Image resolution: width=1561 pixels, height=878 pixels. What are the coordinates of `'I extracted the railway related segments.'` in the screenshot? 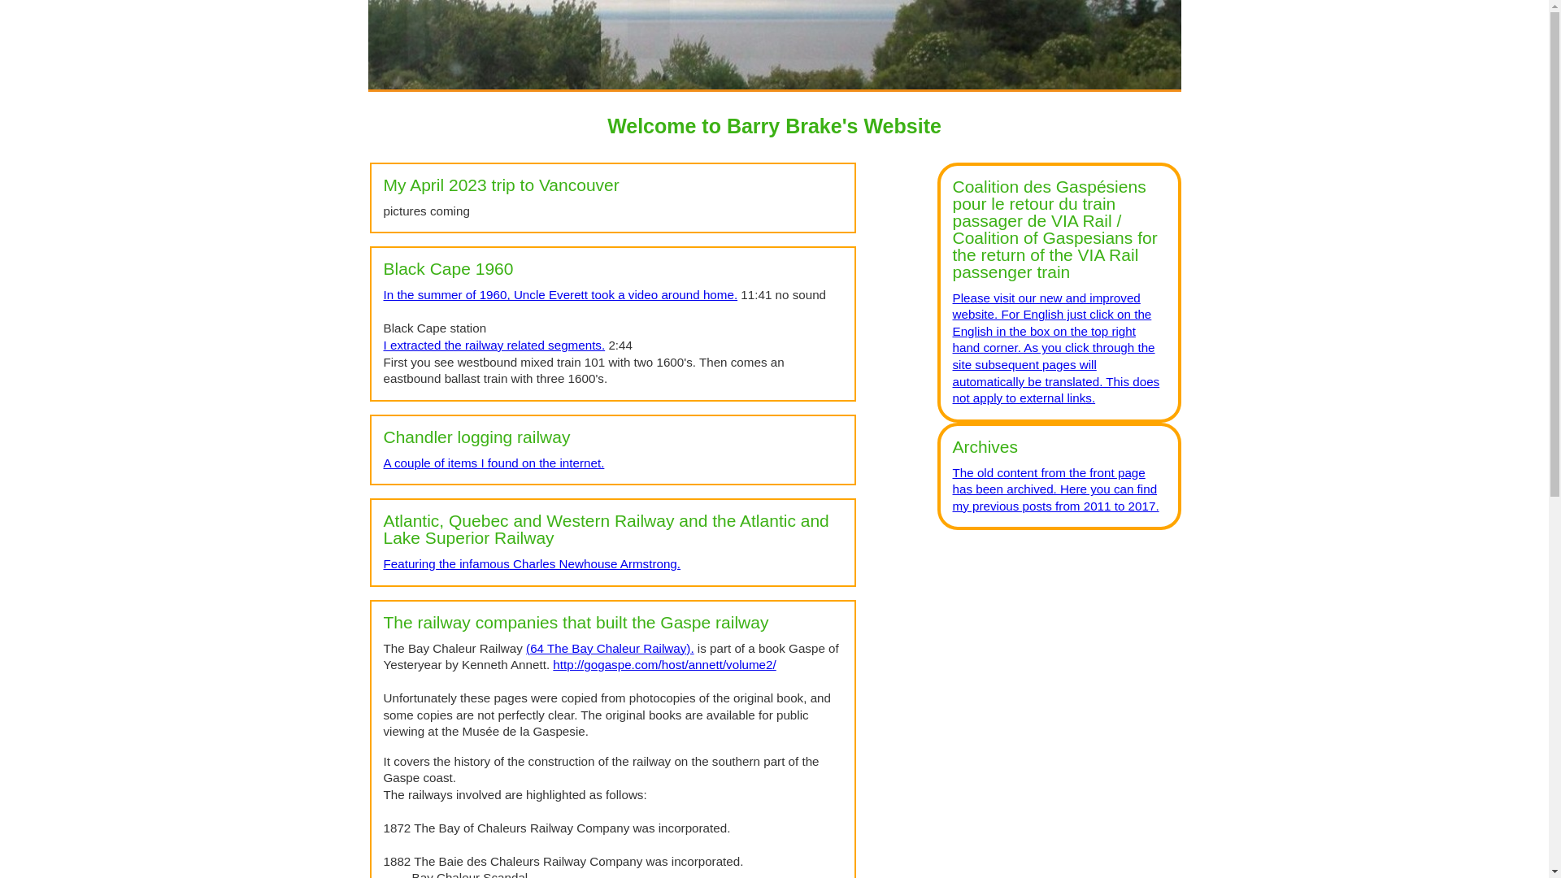 It's located at (494, 344).